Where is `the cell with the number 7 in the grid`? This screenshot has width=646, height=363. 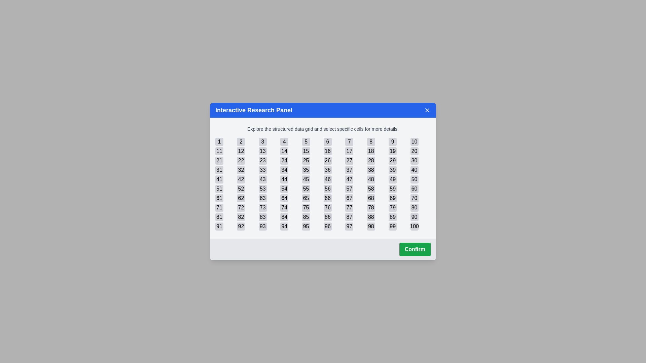 the cell with the number 7 in the grid is located at coordinates (349, 141).